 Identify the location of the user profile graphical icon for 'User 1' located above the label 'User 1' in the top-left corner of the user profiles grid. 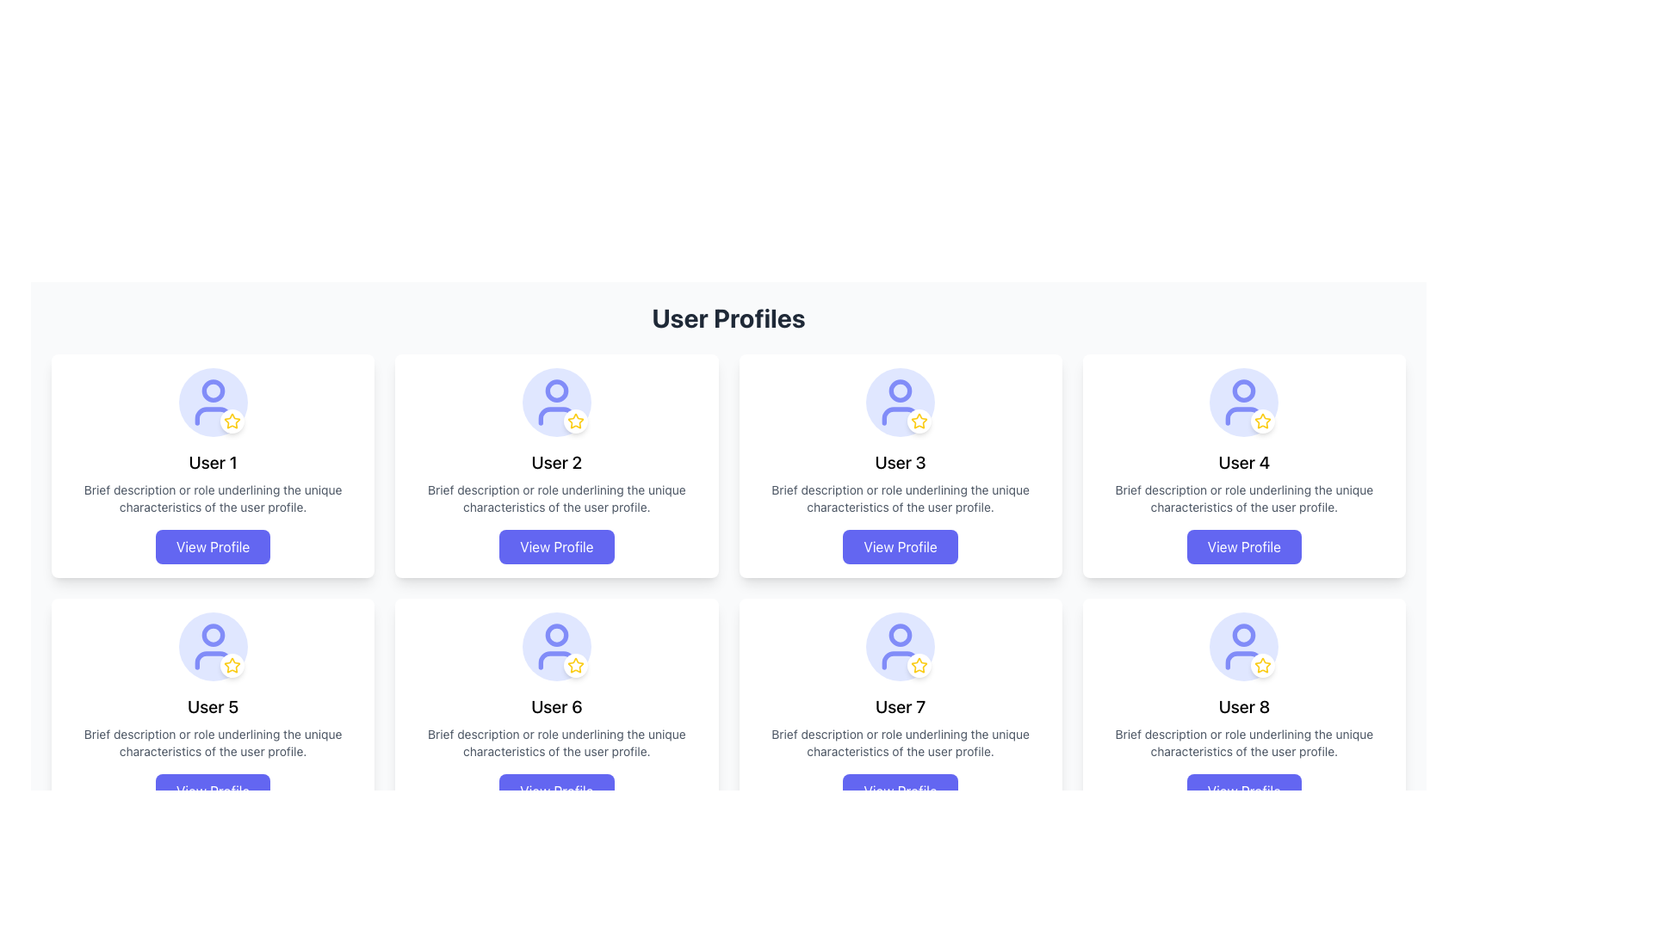
(212, 402).